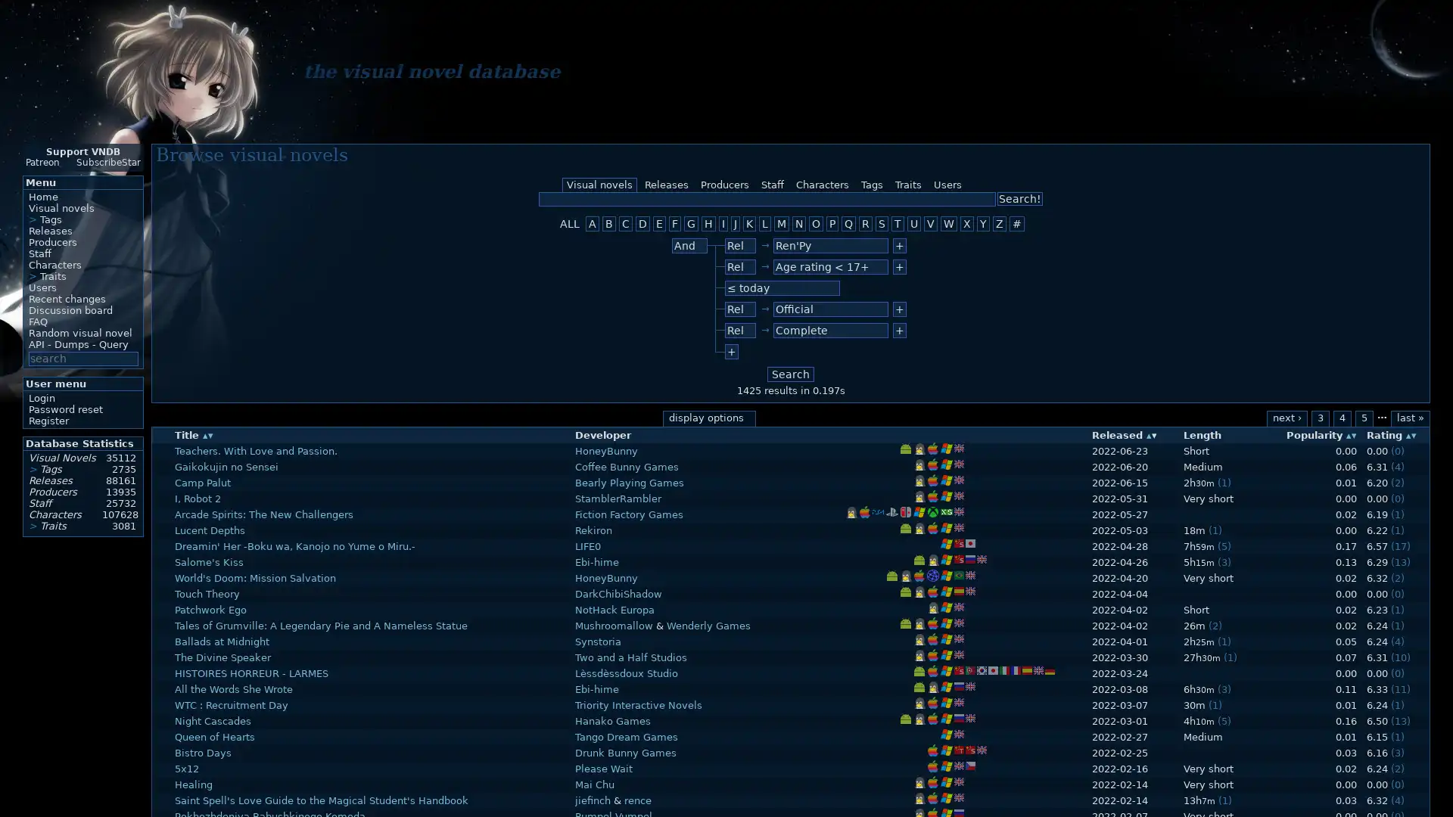  I want to click on C, so click(625, 224).